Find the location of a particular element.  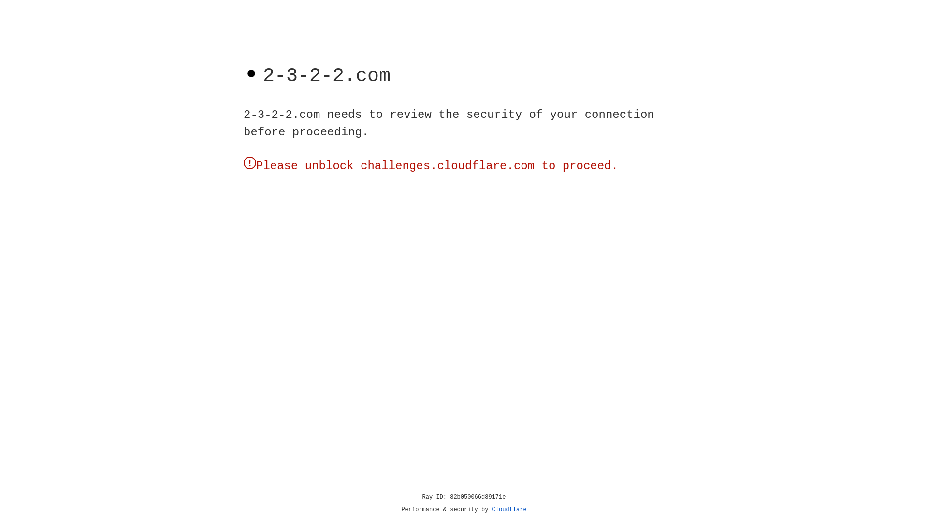

'Cloudflare' is located at coordinates (509, 509).